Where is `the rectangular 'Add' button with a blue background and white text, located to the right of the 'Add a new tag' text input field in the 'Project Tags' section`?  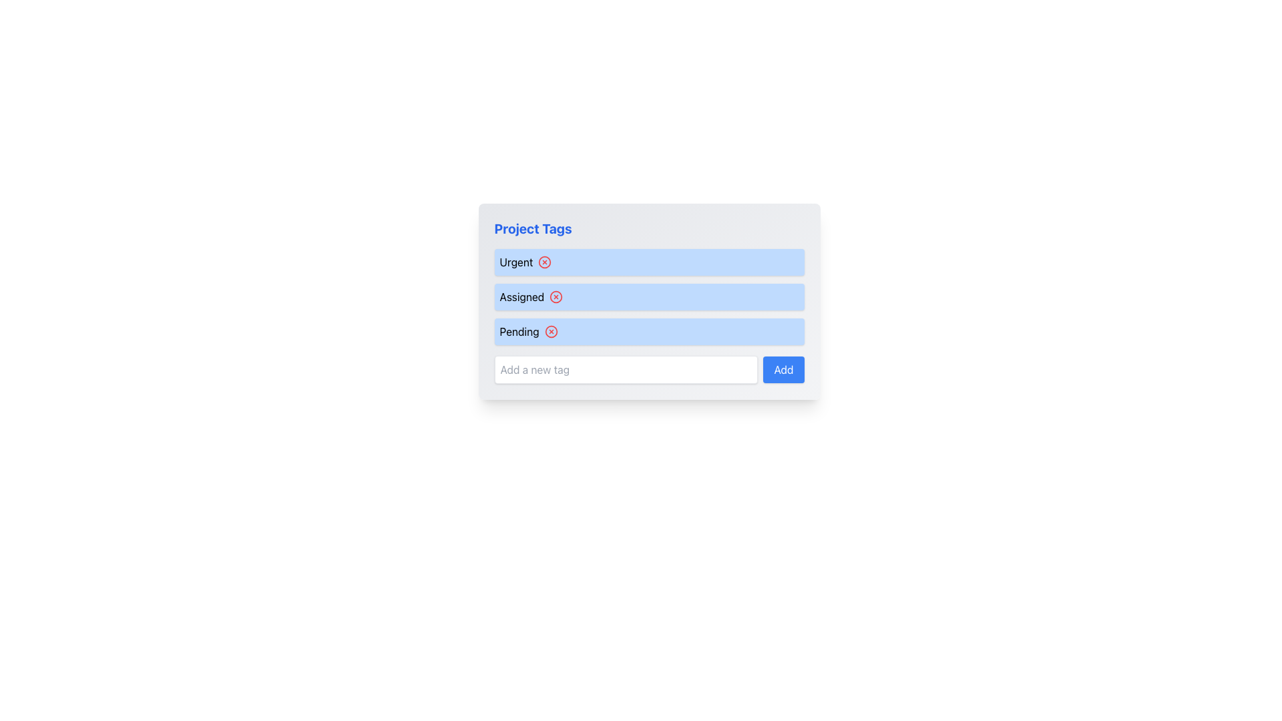
the rectangular 'Add' button with a blue background and white text, located to the right of the 'Add a new tag' text input field in the 'Project Tags' section is located at coordinates (783, 370).